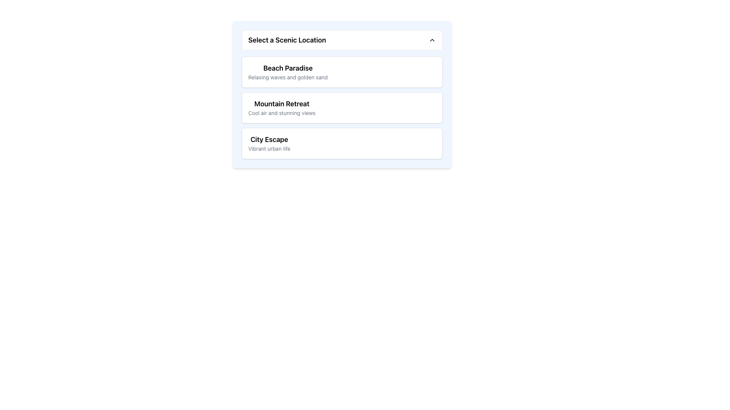  Describe the element at coordinates (281, 108) in the screenshot. I see `text of the 'Mountain Retreat' label in the selection list, which is located in the middle of the second section labeled 'Select a Scenic Location.'` at that location.